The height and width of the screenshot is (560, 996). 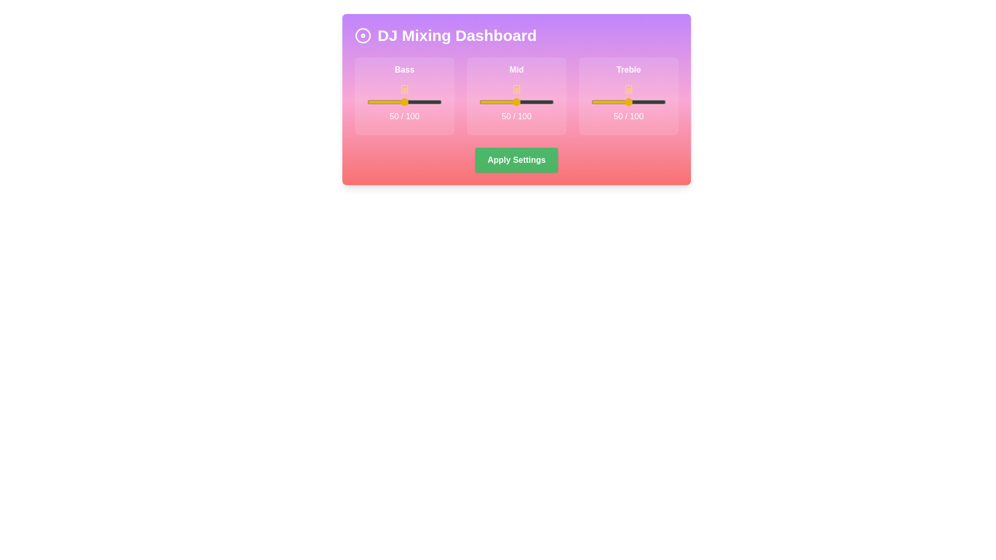 What do you see at coordinates (516, 160) in the screenshot?
I see `the 'Apply Settings' button` at bounding box center [516, 160].